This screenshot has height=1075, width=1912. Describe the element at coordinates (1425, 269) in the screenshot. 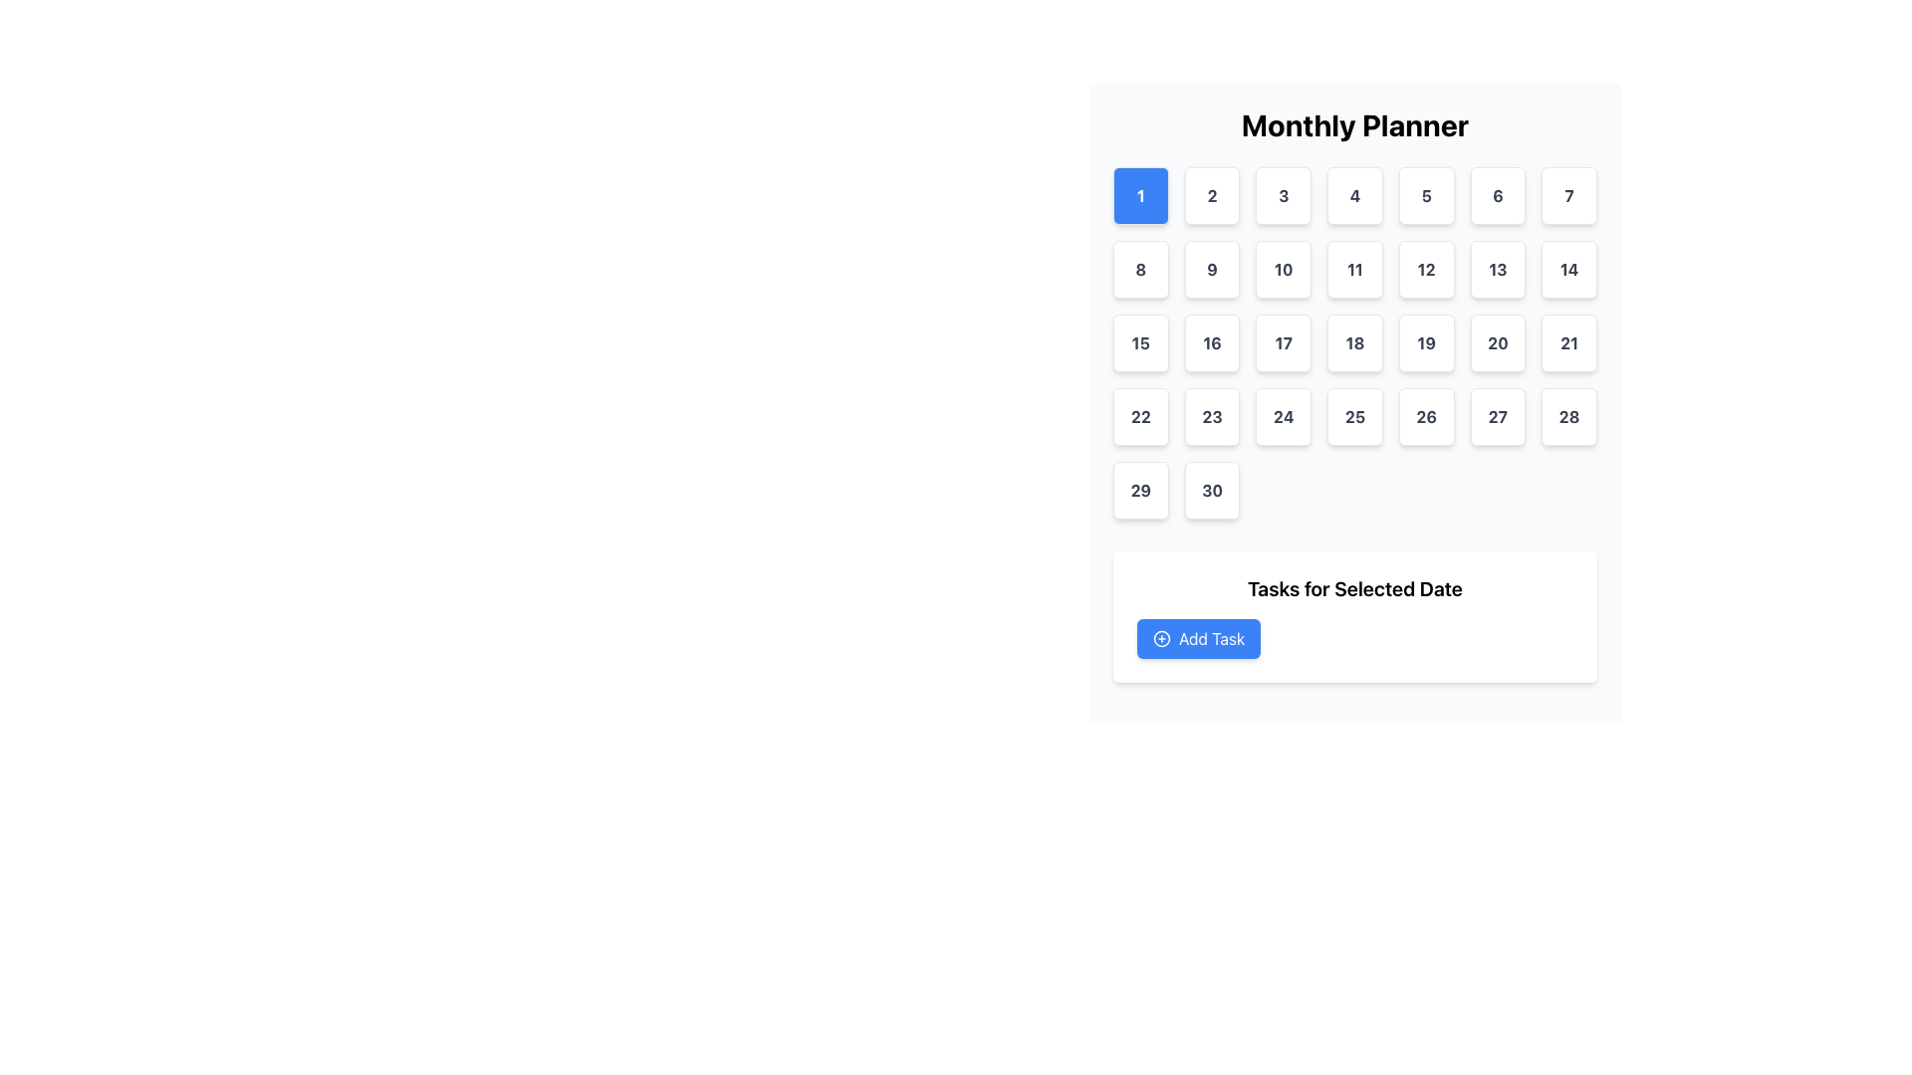

I see `the button displaying the number '12' in bold, centered text with a white background and rounded corners` at that location.